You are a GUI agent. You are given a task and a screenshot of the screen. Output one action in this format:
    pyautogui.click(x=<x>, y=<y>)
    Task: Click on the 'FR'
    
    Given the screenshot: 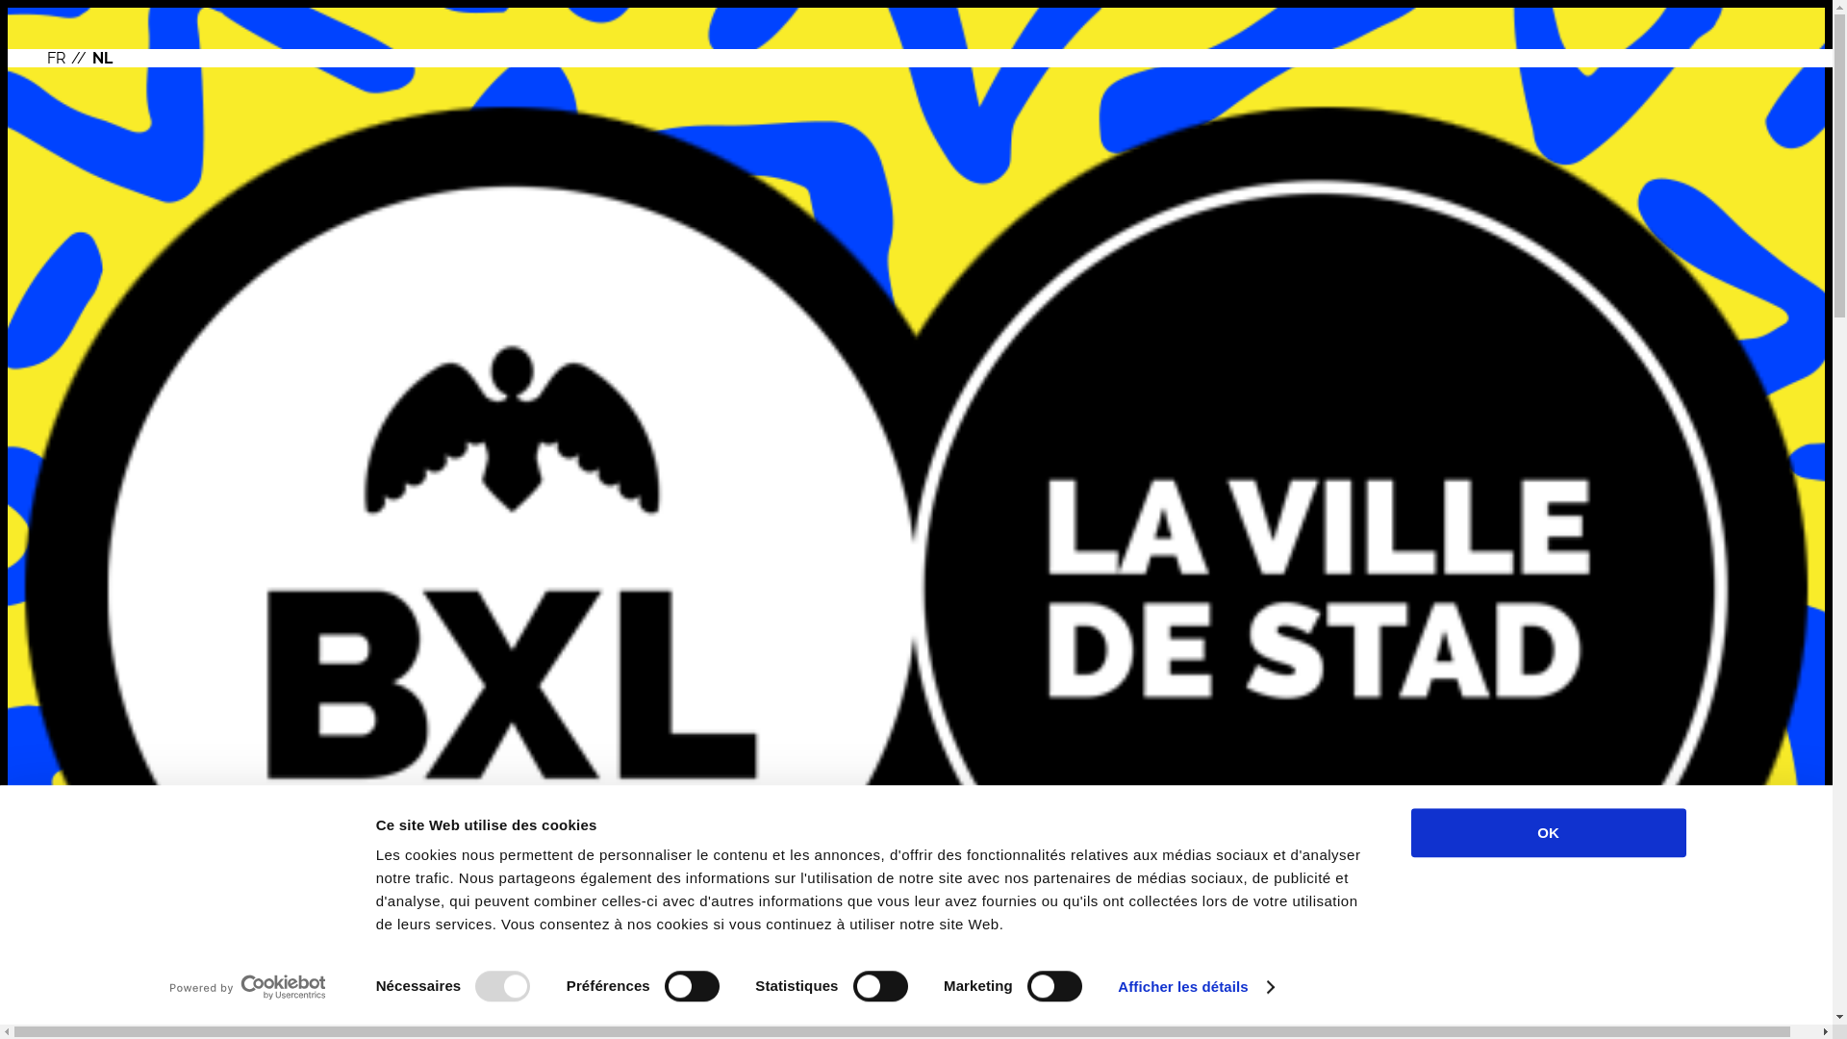 What is the action you would take?
    pyautogui.click(x=46, y=57)
    